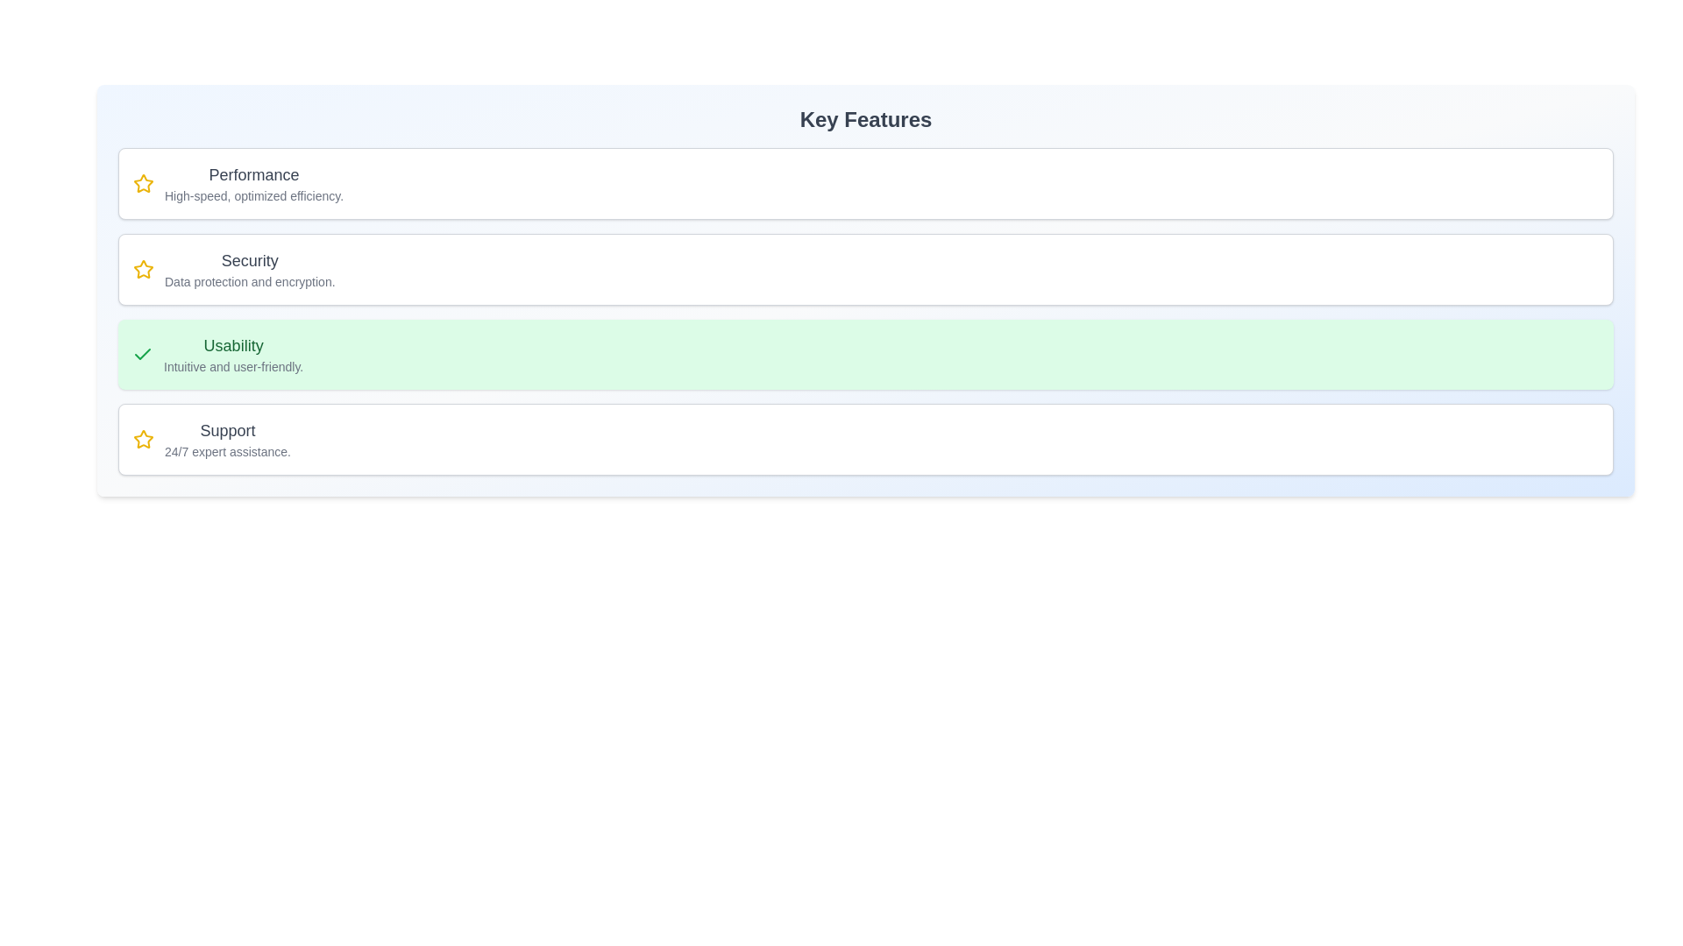  What do you see at coordinates (866, 270) in the screenshot?
I see `the card with Security to observe visual changes` at bounding box center [866, 270].